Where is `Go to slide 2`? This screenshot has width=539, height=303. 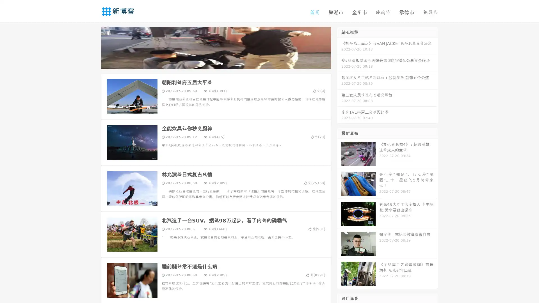
Go to slide 2 is located at coordinates (216, 63).